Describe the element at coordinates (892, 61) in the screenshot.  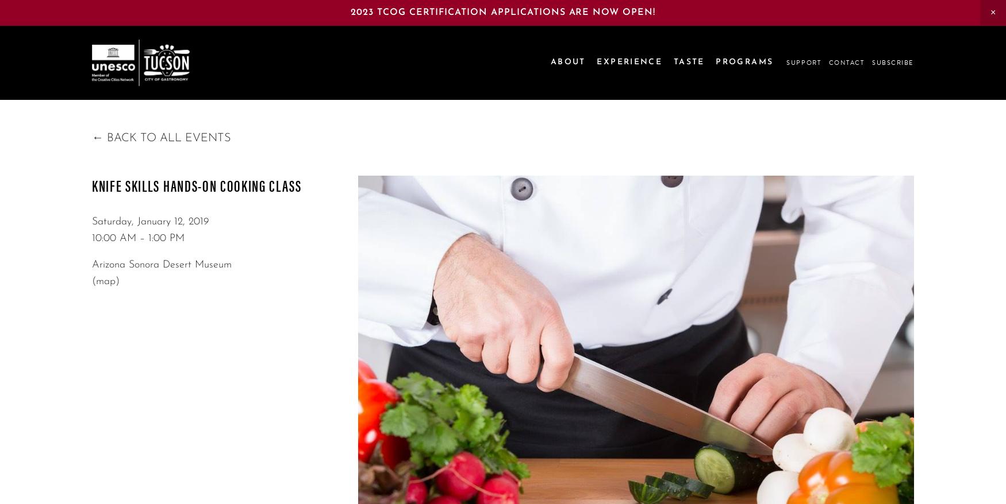
I see `'Subscribe'` at that location.